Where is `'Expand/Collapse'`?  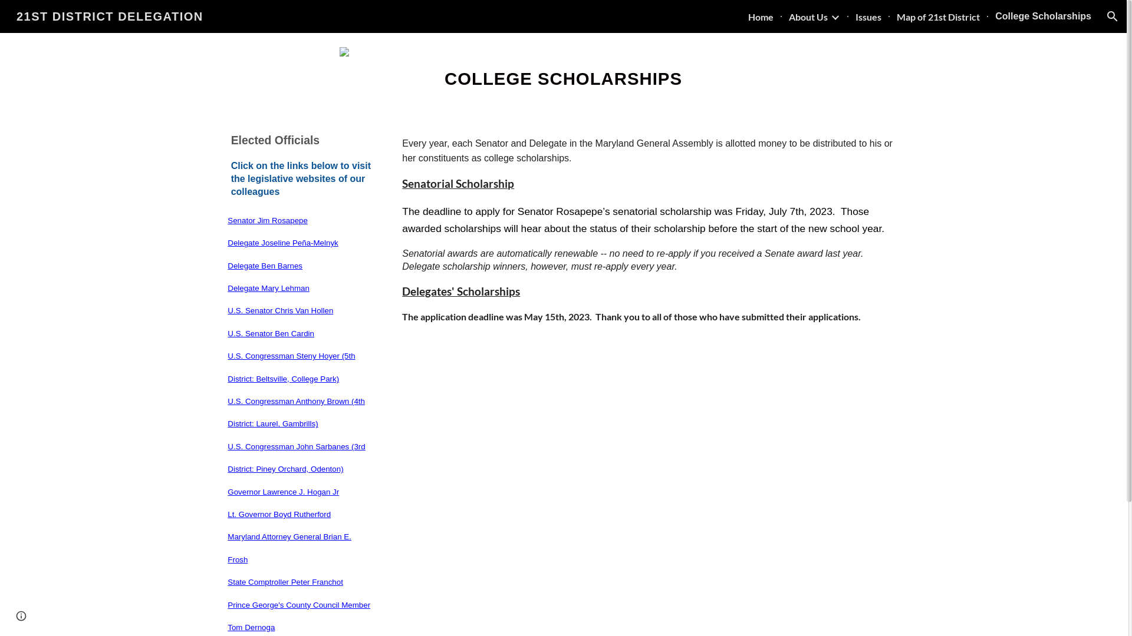
'Expand/Collapse' is located at coordinates (834, 16).